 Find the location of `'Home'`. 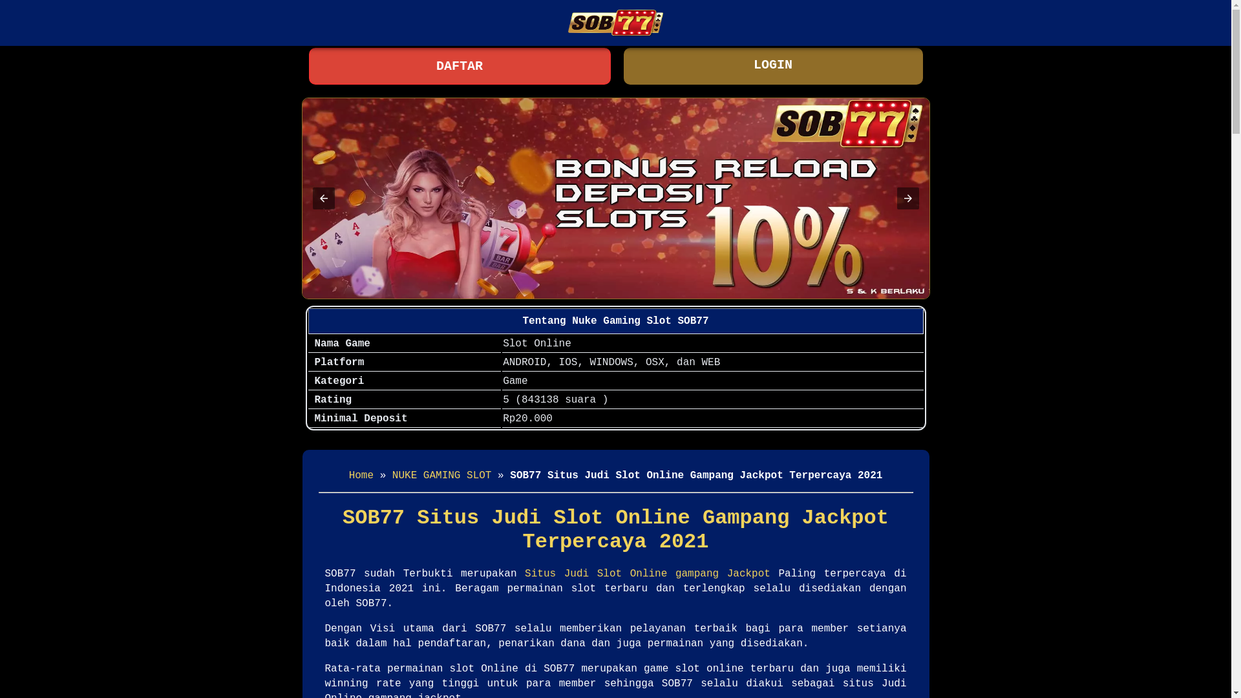

'Home' is located at coordinates (361, 476).